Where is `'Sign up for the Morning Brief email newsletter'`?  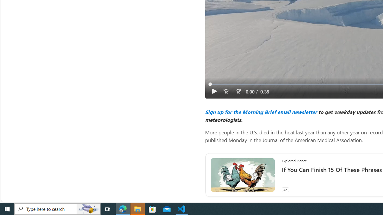
'Sign up for the Morning Brief email newsletter' is located at coordinates (261, 112).